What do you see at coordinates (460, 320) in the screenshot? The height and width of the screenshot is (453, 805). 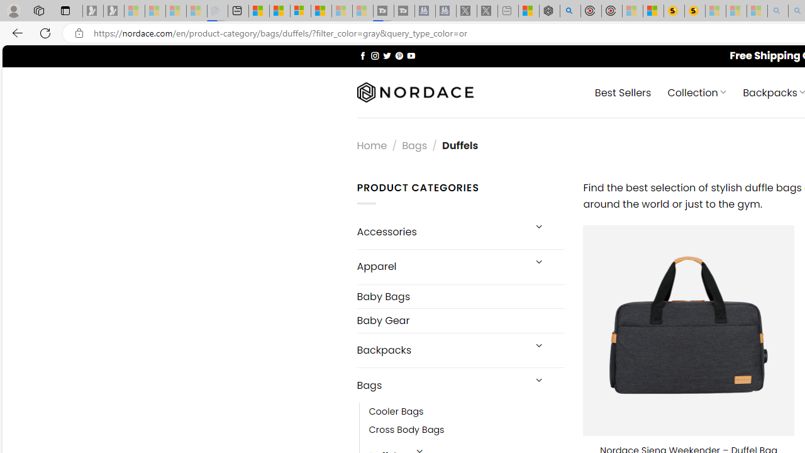 I see `'Baby Gear'` at bounding box center [460, 320].